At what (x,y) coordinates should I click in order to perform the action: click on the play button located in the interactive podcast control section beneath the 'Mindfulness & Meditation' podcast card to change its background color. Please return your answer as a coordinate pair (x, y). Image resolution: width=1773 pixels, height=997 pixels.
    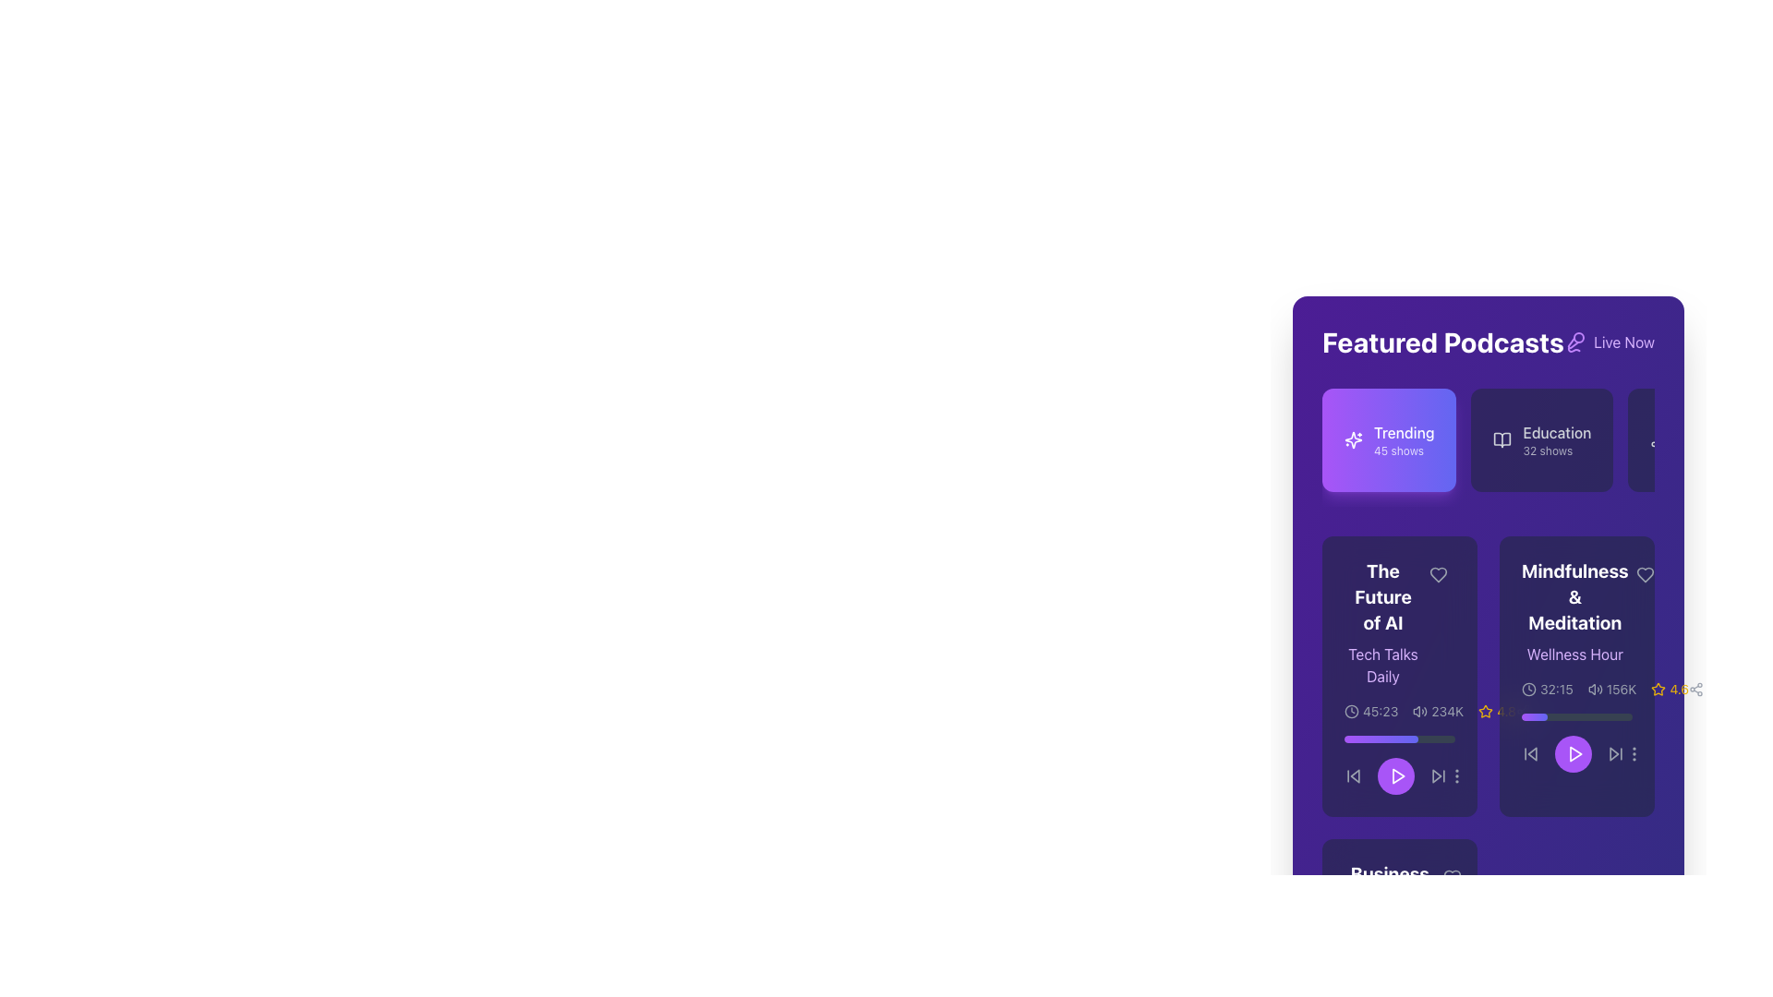
    Looking at the image, I should click on (1576, 754).